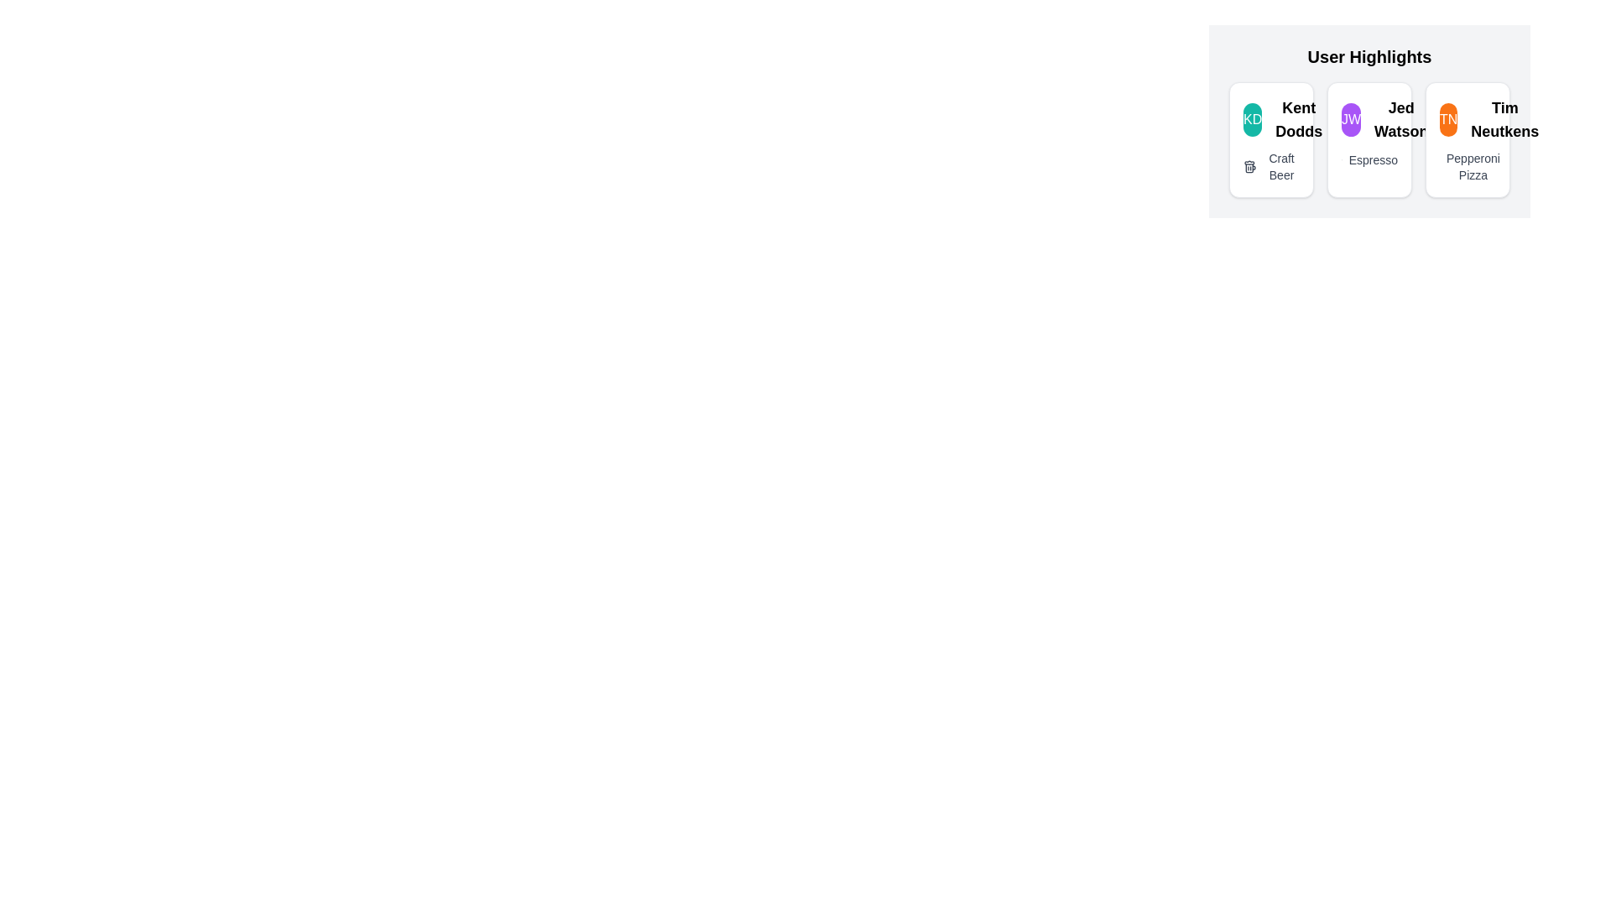 Image resolution: width=1611 pixels, height=906 pixels. Describe the element at coordinates (1373, 160) in the screenshot. I see `the Text label displaying 'Espresso' located in the user 'Jed Watson' card by moving the cursor to its center` at that location.